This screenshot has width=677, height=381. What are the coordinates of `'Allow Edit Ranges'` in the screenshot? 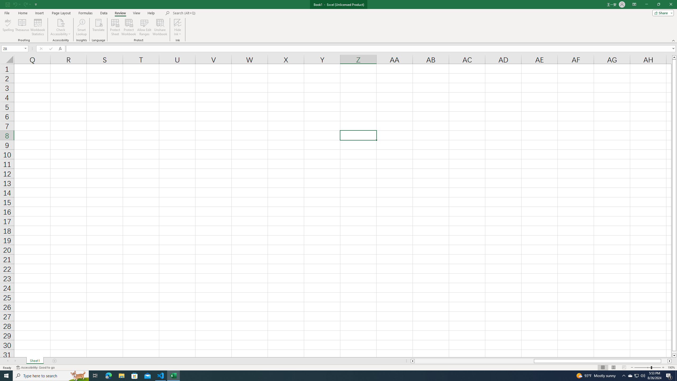 It's located at (144, 27).